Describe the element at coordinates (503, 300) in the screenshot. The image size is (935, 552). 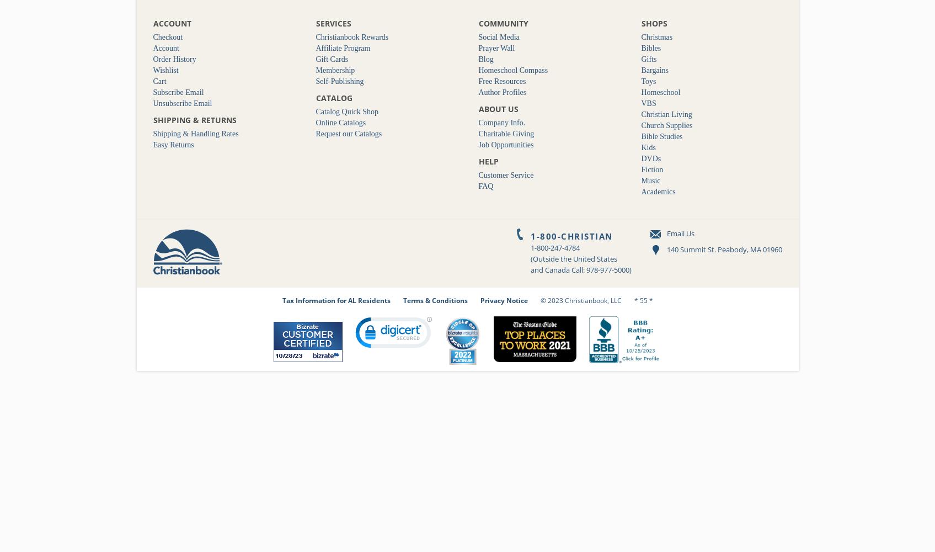
I see `'Privacy Notice'` at that location.